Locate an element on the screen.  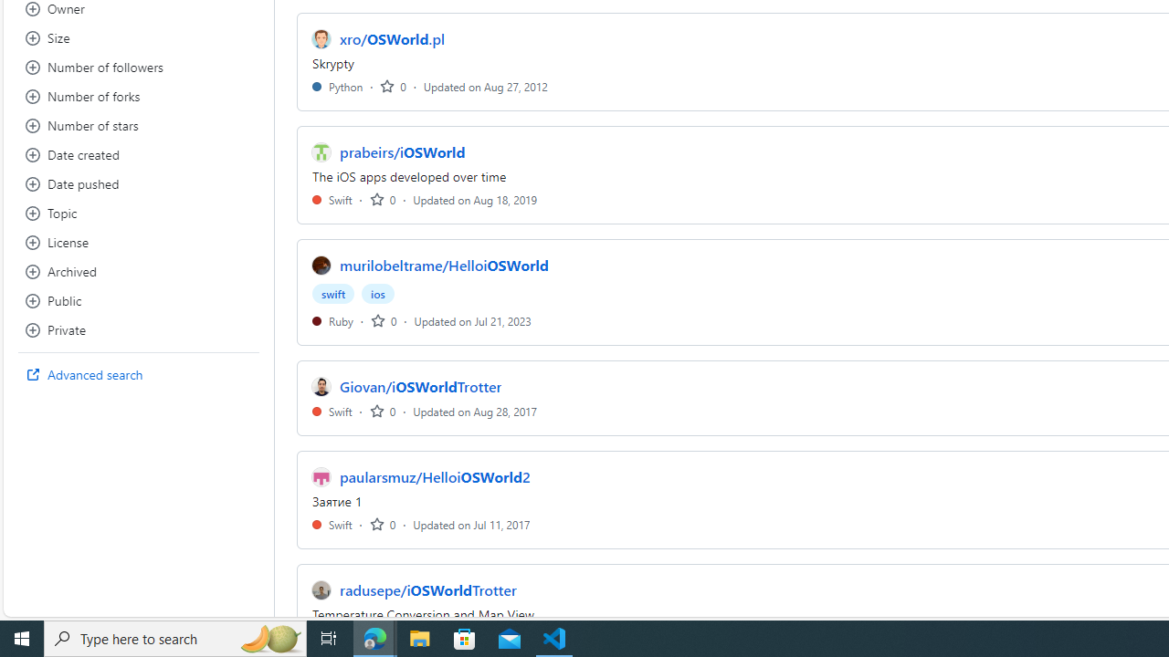
'Updated on Aug 27, 2012' is located at coordinates (485, 86).